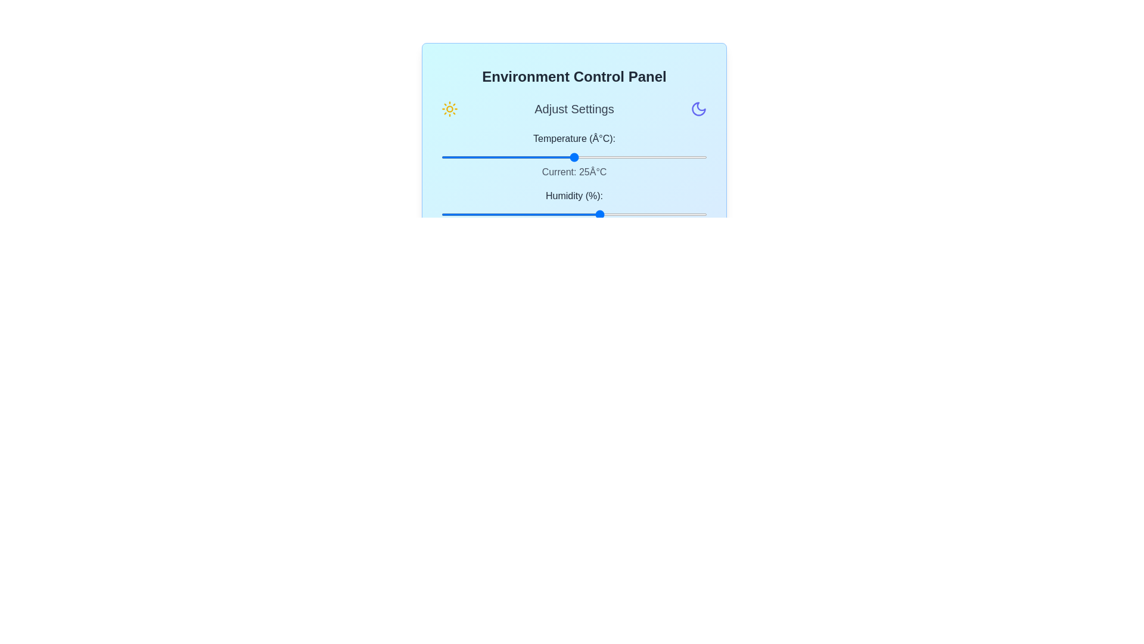 This screenshot has width=1144, height=644. I want to click on the temperature slider to set the temperature to 43°C, so click(670, 156).